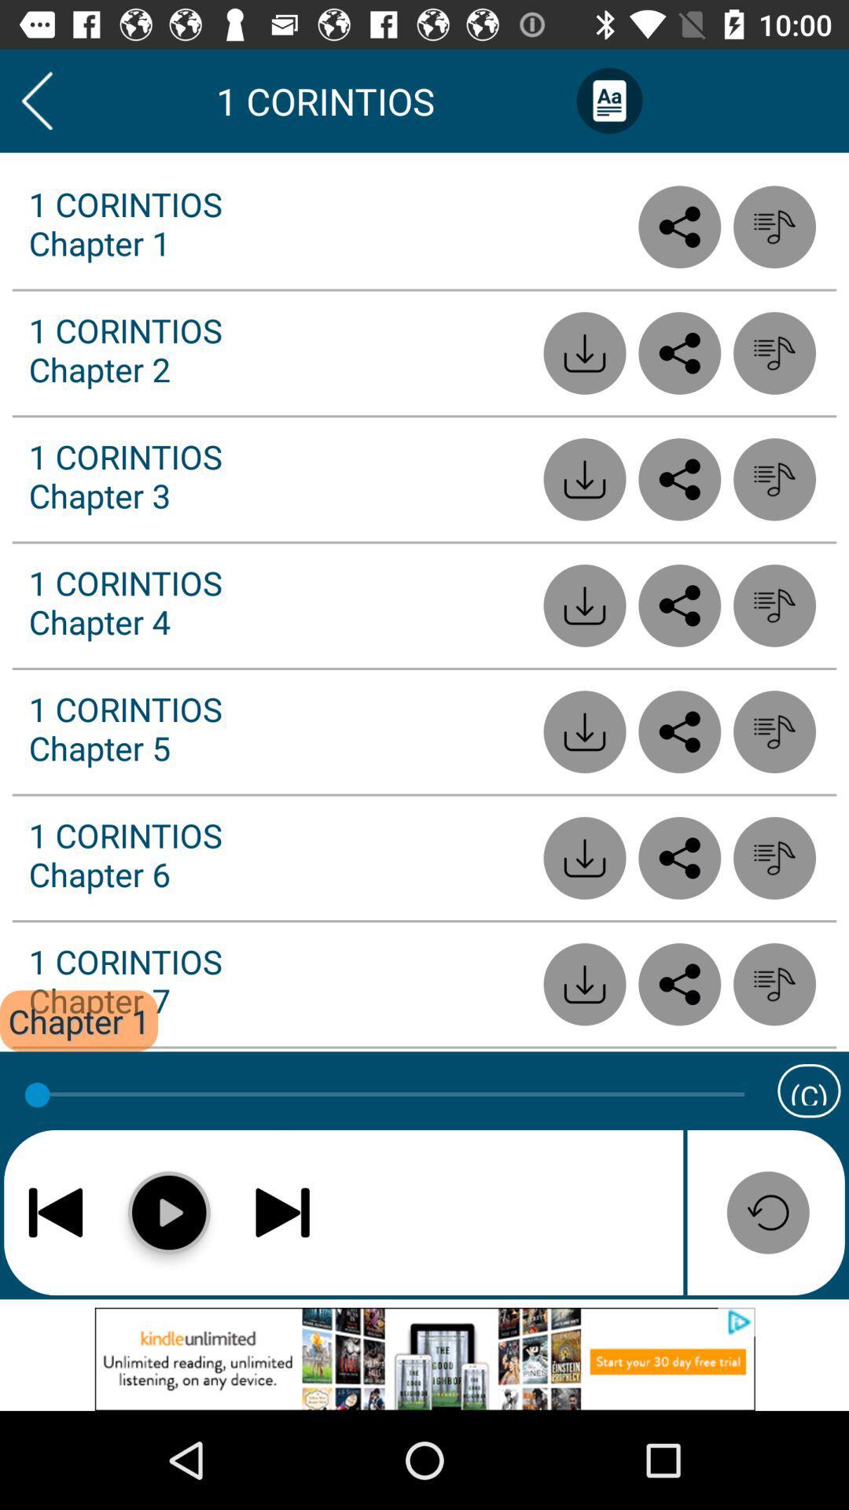  What do you see at coordinates (281, 1211) in the screenshot?
I see `next` at bounding box center [281, 1211].